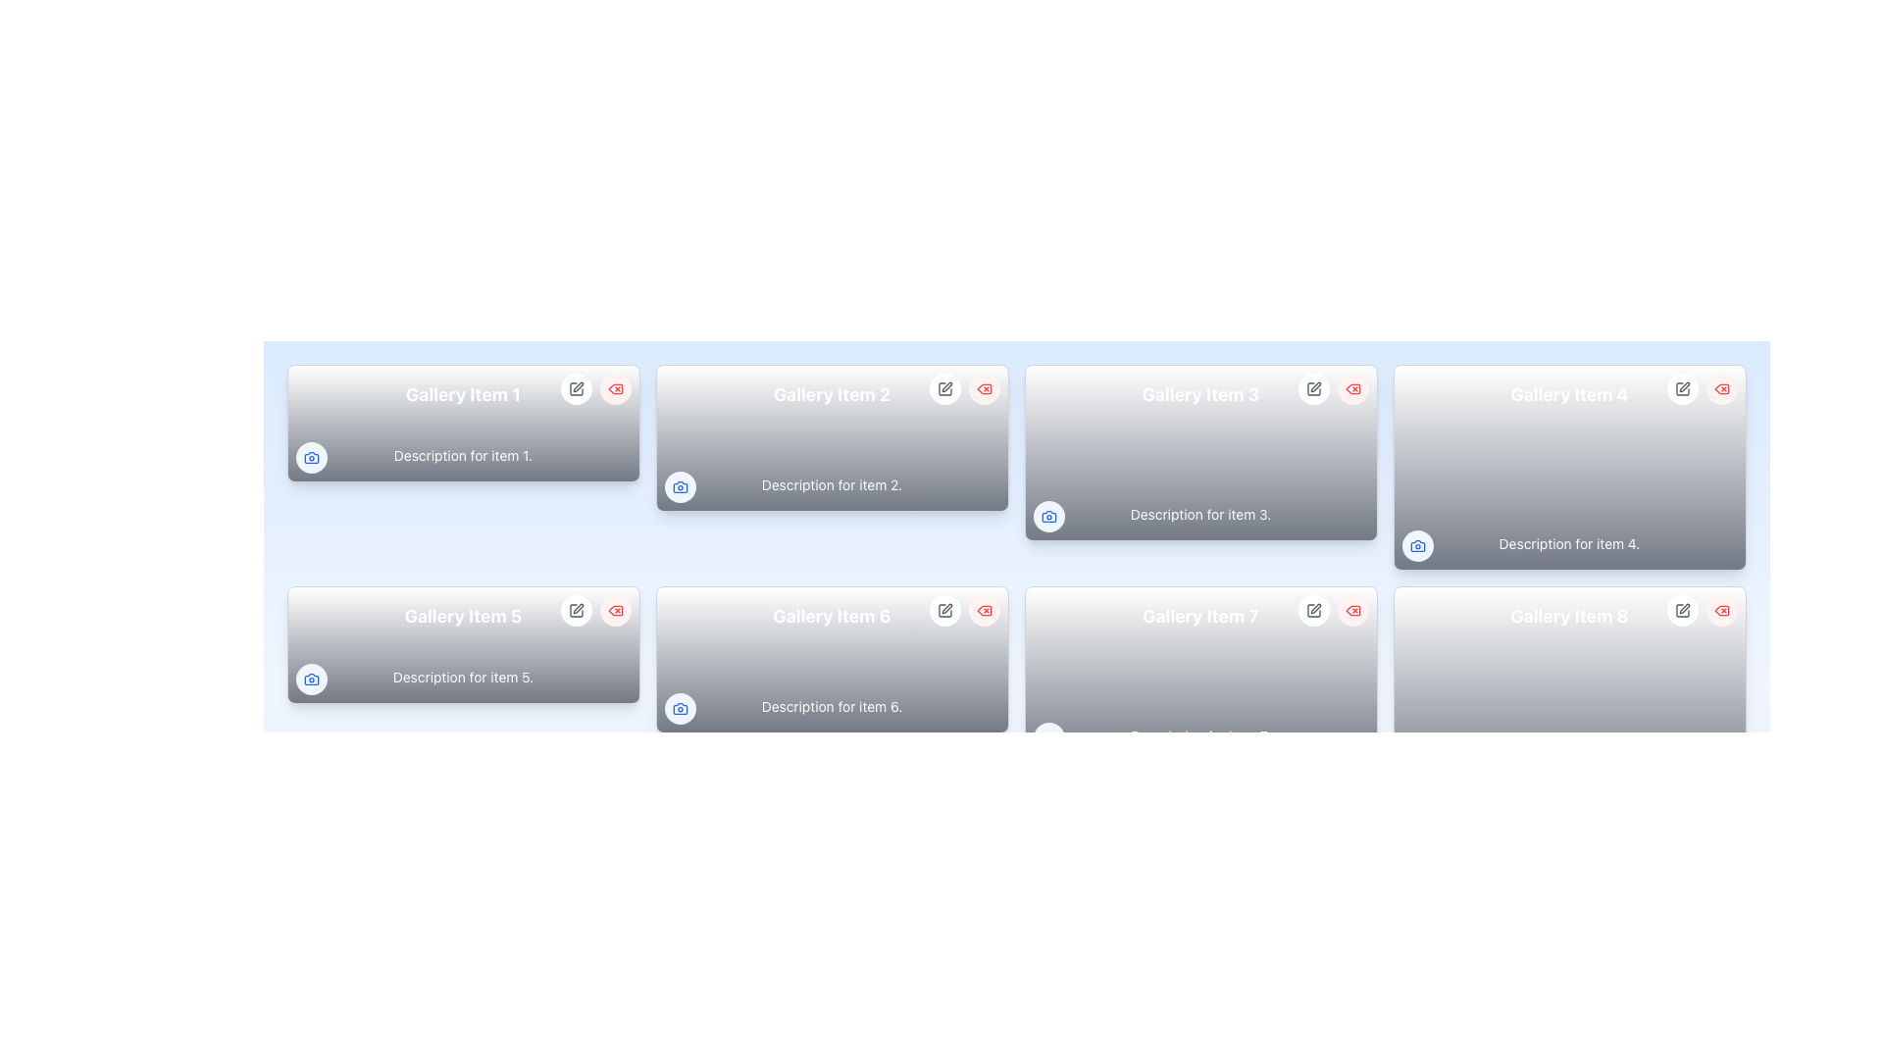  I want to click on the delete button (trash bin icon) located at the top-right corner of the card labeled 'Gallery Item 6', so click(964, 610).